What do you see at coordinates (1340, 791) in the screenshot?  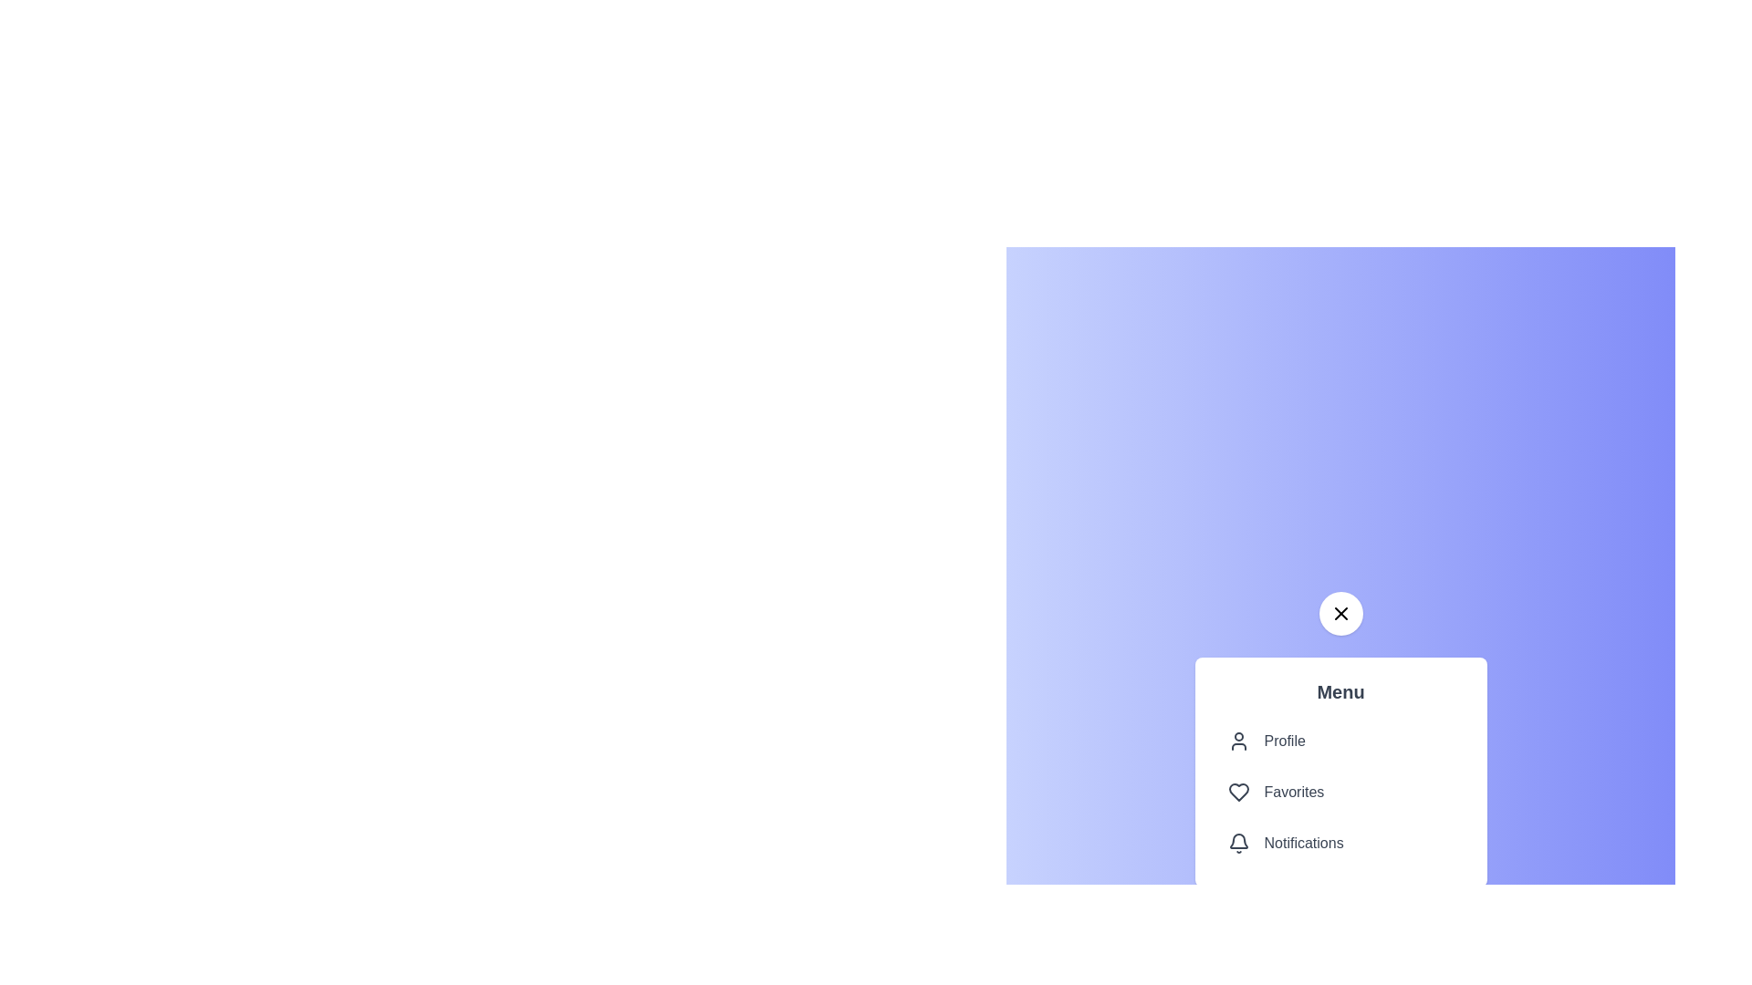 I see `the menu option Favorites by clicking on it` at bounding box center [1340, 791].